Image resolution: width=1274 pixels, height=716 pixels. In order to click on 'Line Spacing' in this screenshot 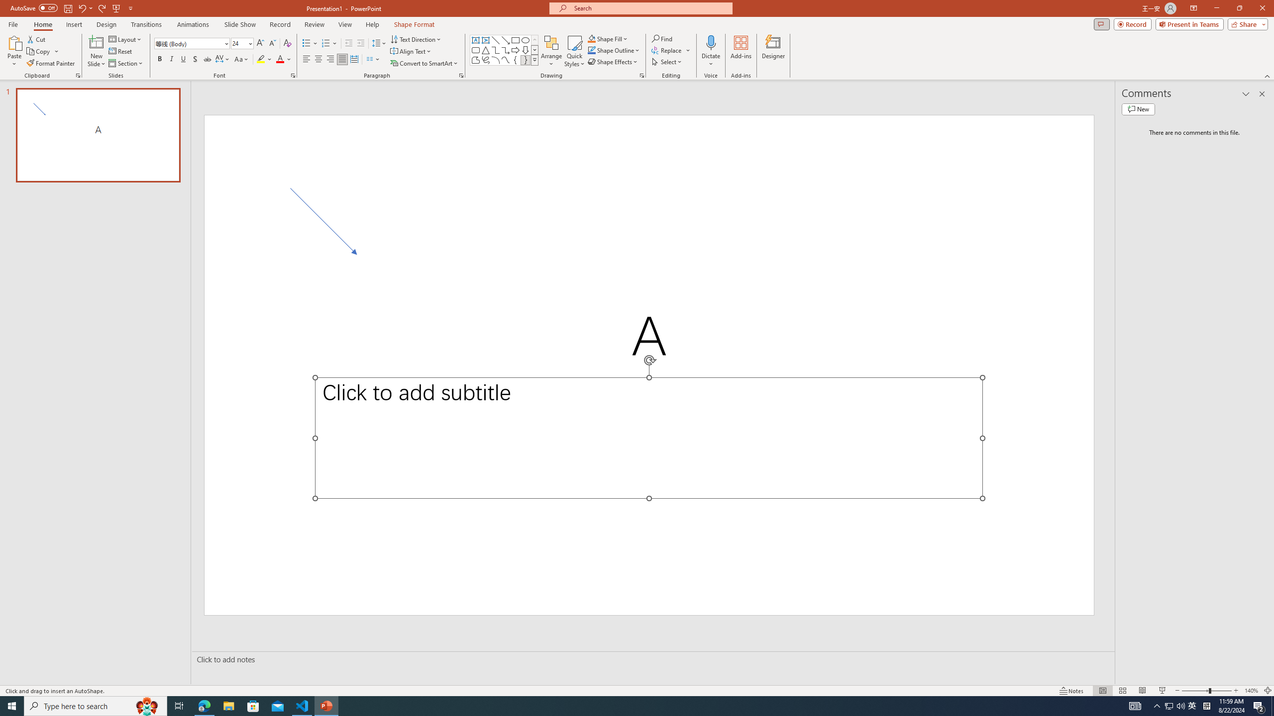, I will do `click(379, 43)`.